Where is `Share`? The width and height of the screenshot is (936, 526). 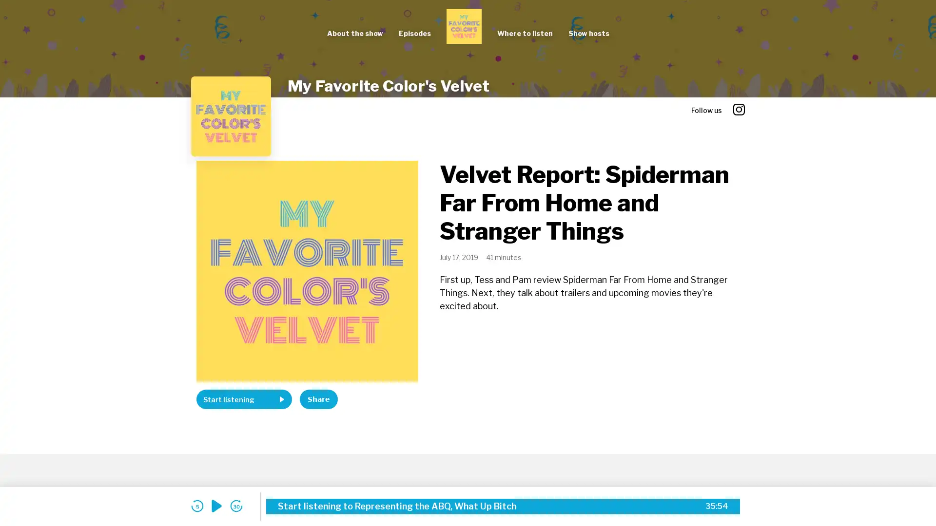
Share is located at coordinates (318, 399).